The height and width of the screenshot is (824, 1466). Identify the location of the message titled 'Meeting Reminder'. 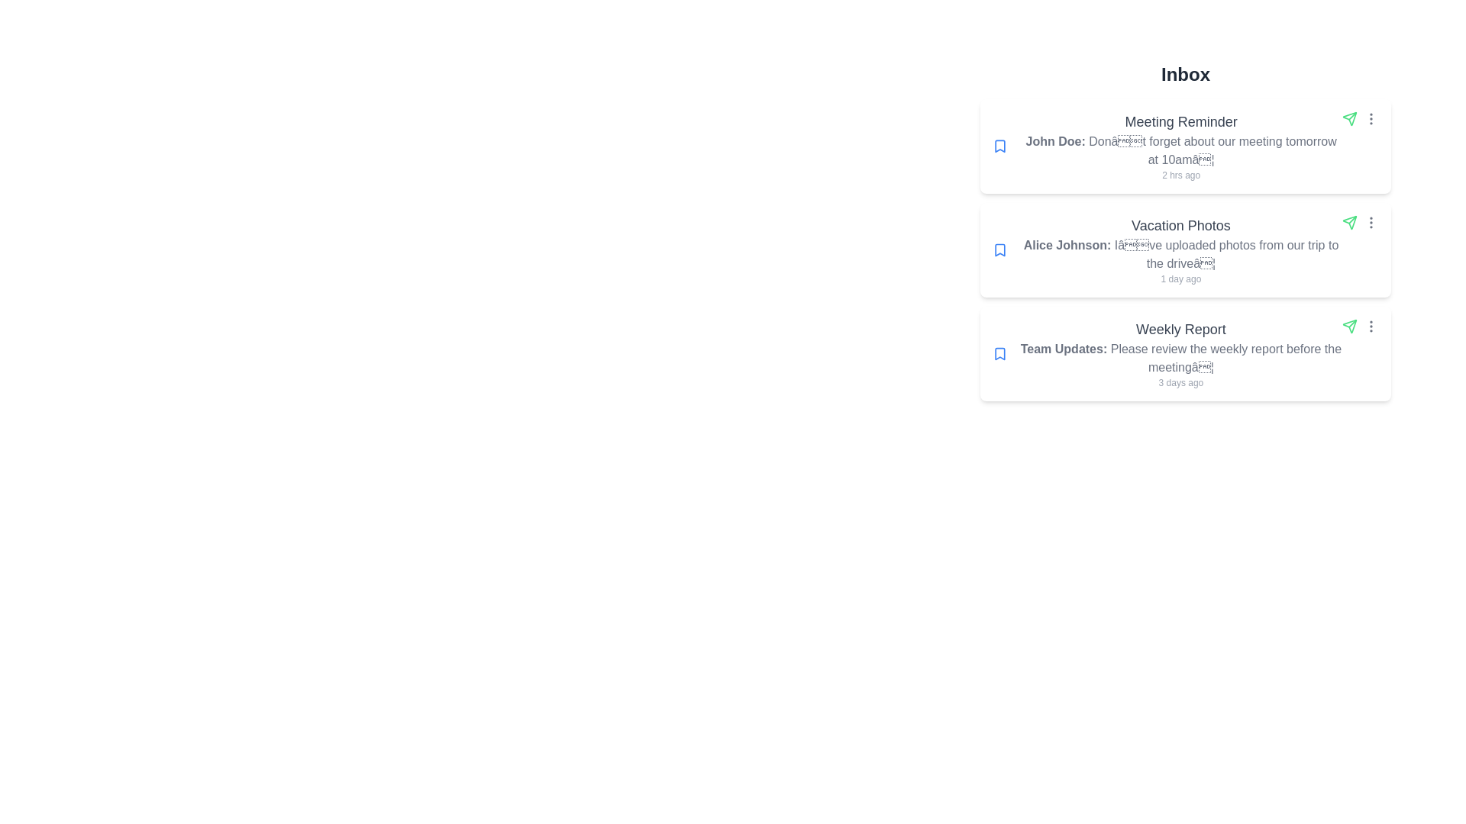
(1185, 146).